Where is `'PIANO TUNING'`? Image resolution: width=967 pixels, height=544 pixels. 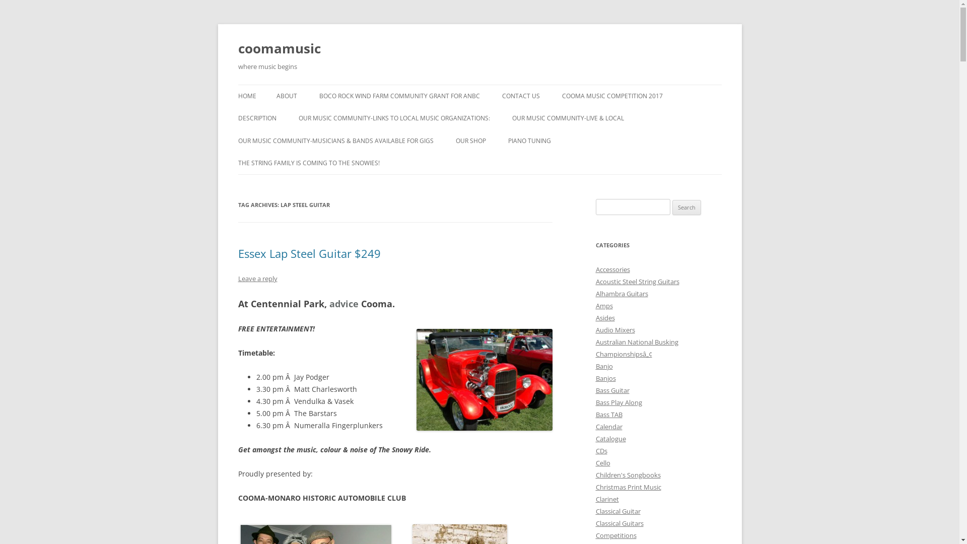
'PIANO TUNING' is located at coordinates (508, 141).